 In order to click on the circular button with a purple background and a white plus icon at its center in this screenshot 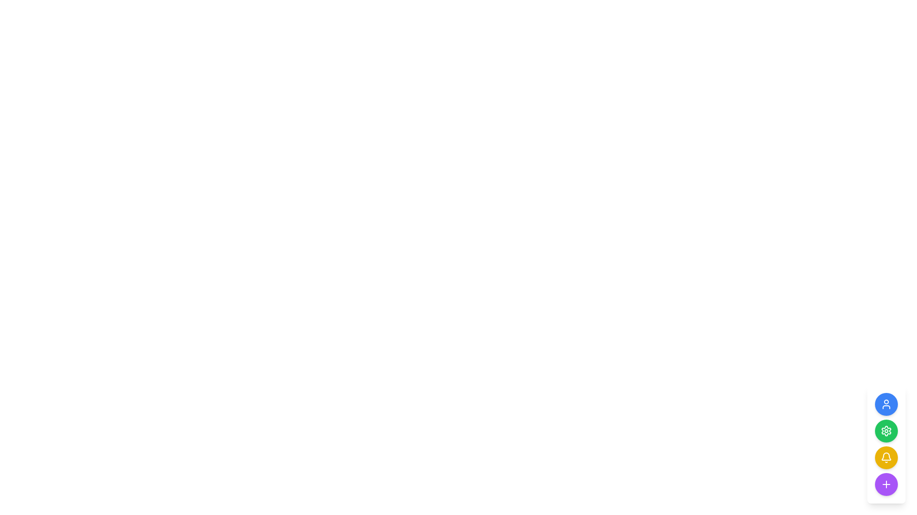, I will do `click(886, 484)`.